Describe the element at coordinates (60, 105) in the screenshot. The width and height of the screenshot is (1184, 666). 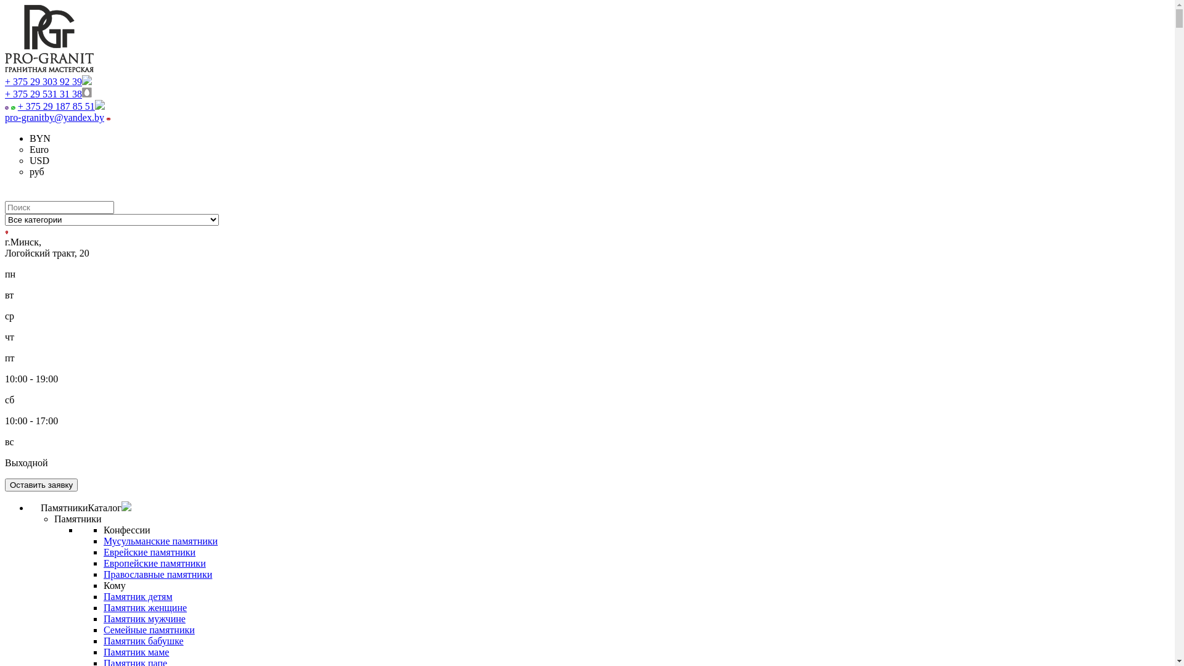
I see `'+ 375 29 187 85 51'` at that location.